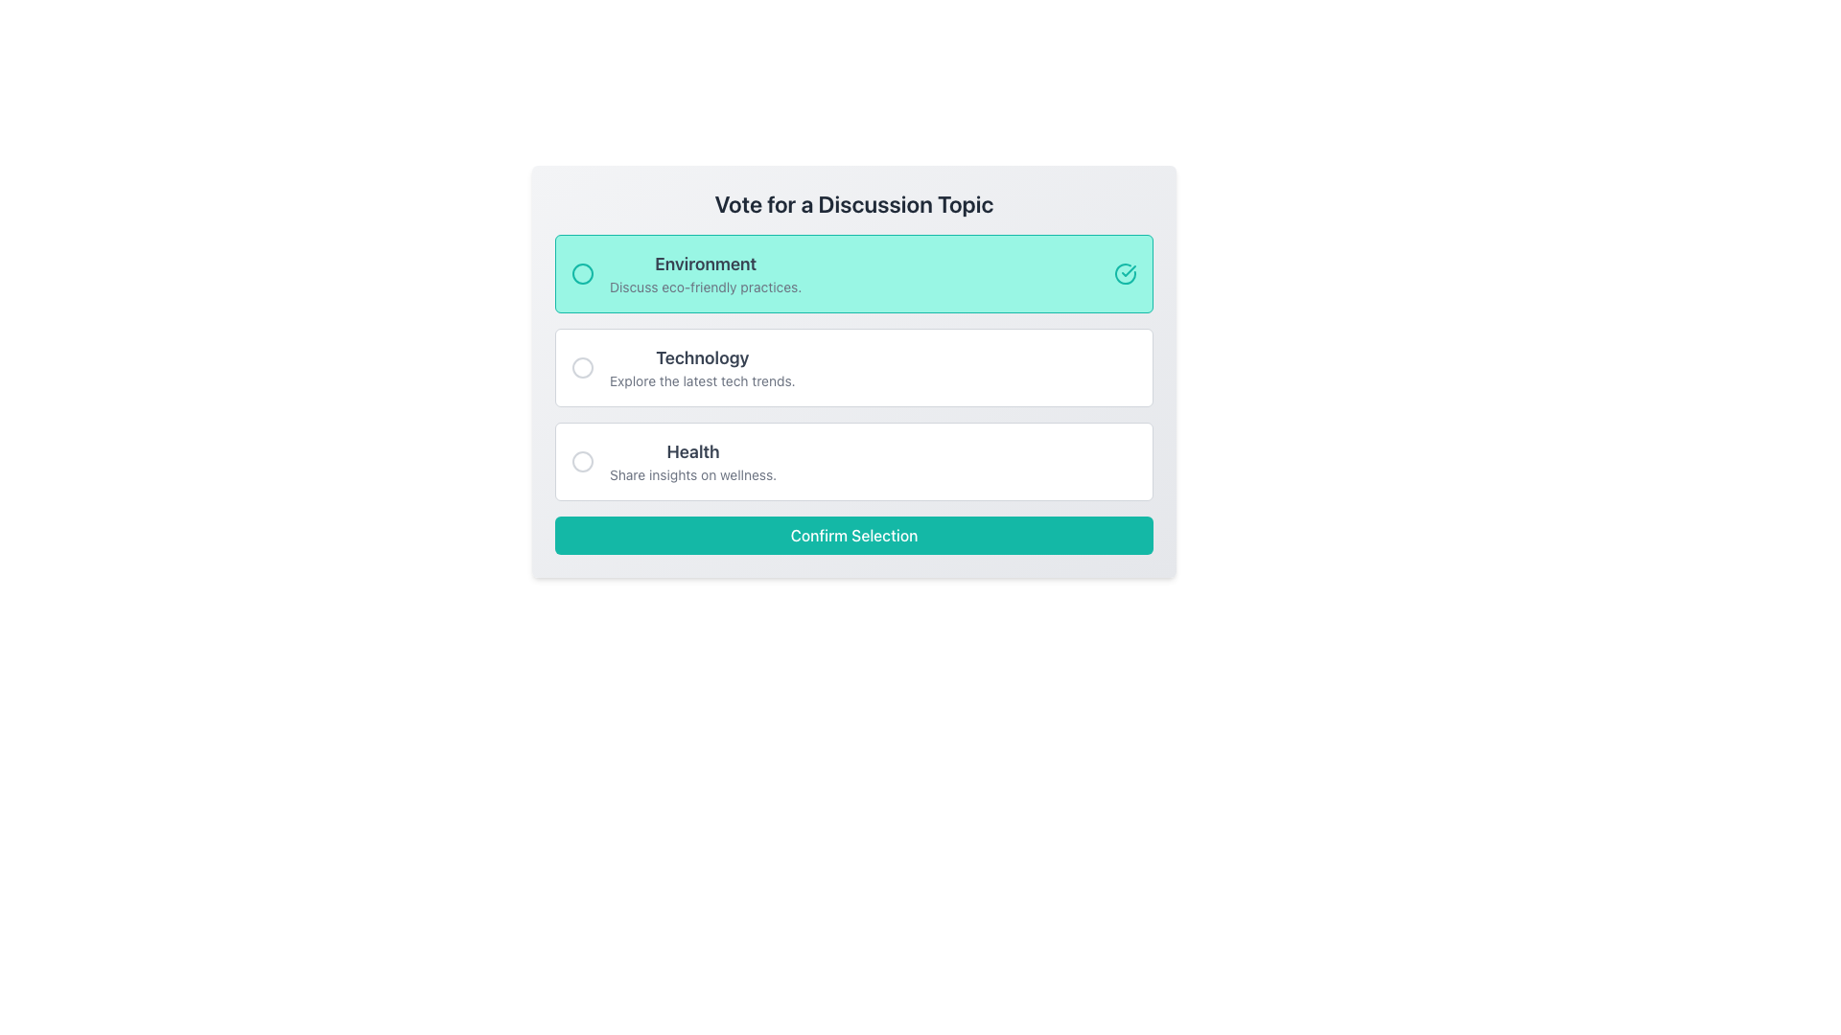 Image resolution: width=1841 pixels, height=1035 pixels. I want to click on the Static Text Label that provides information about the 'Health' topic option, located in the third selection panel towards the bottom center of the interface, so click(692, 474).